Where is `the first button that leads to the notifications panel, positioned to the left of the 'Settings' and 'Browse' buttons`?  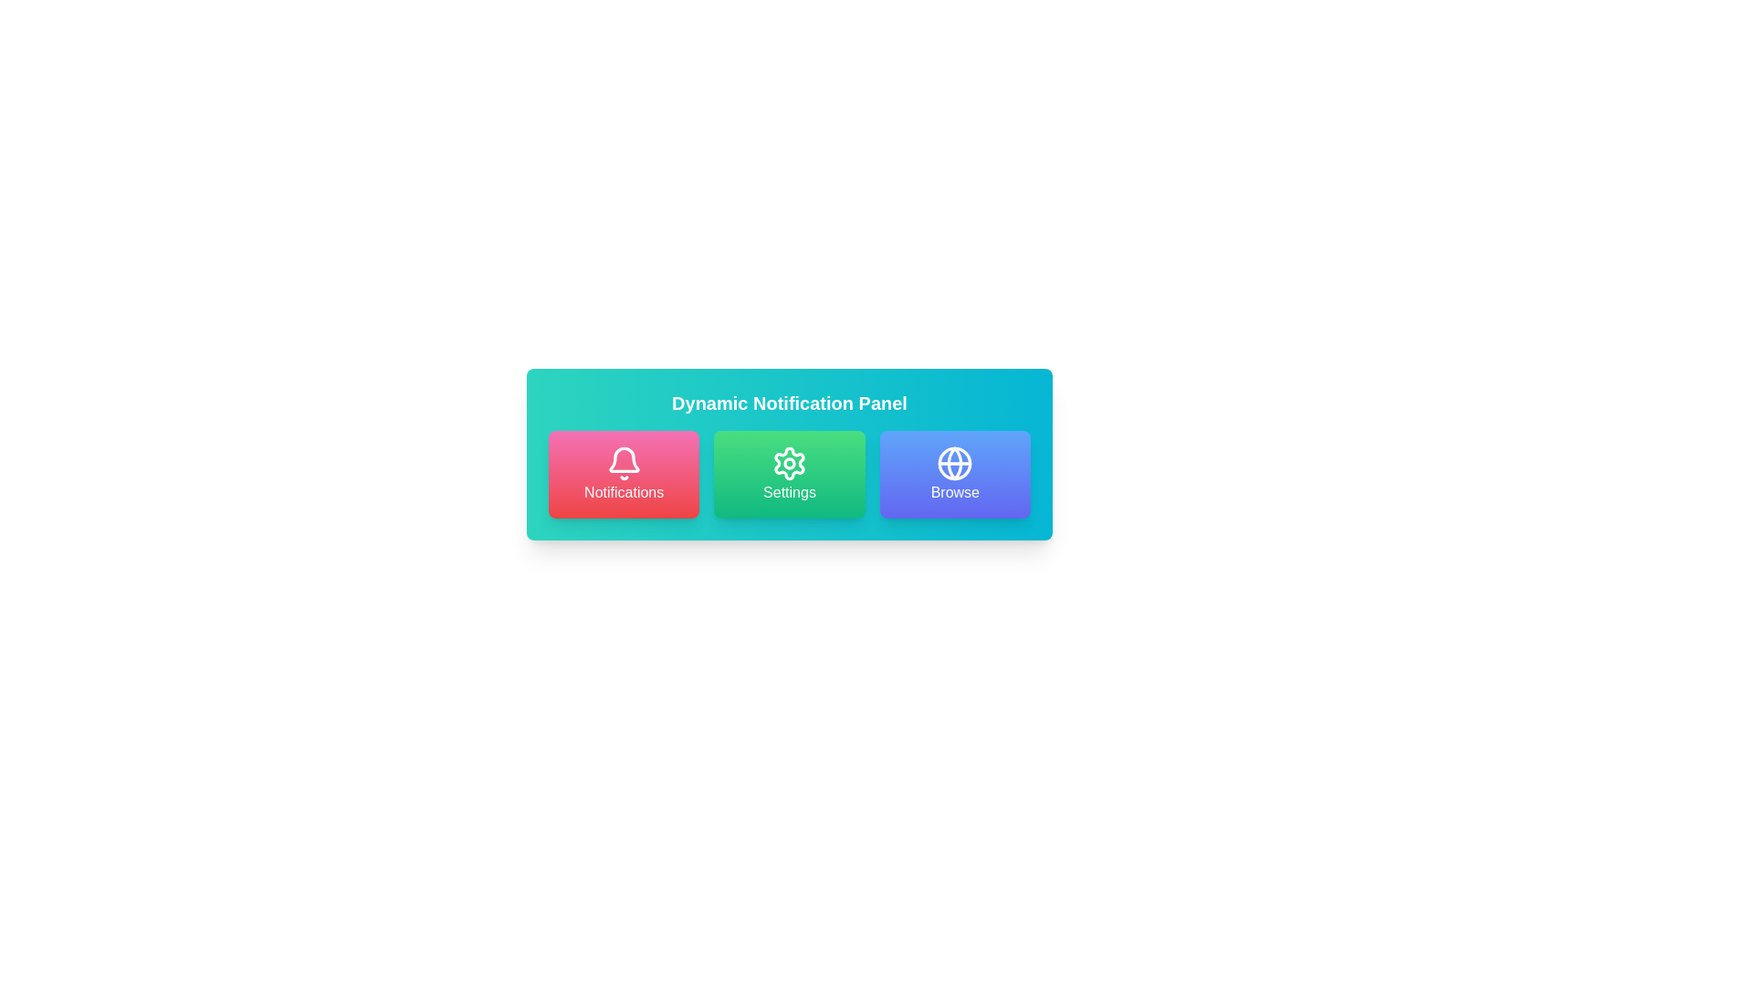 the first button that leads to the notifications panel, positioned to the left of the 'Settings' and 'Browse' buttons is located at coordinates (624, 474).